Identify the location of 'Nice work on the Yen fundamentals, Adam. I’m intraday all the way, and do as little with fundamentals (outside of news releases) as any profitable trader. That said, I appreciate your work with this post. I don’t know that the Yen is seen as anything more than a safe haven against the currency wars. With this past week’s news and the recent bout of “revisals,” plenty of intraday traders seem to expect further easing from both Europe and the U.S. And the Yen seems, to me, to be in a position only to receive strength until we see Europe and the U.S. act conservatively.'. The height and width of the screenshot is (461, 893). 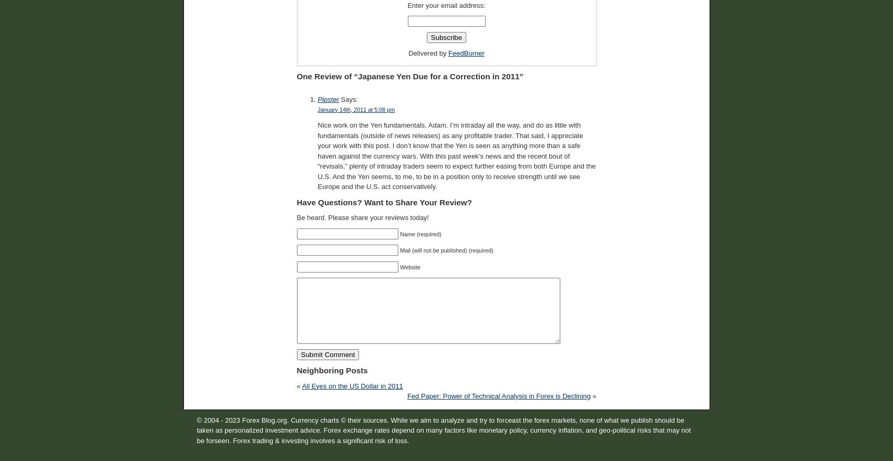
(456, 155).